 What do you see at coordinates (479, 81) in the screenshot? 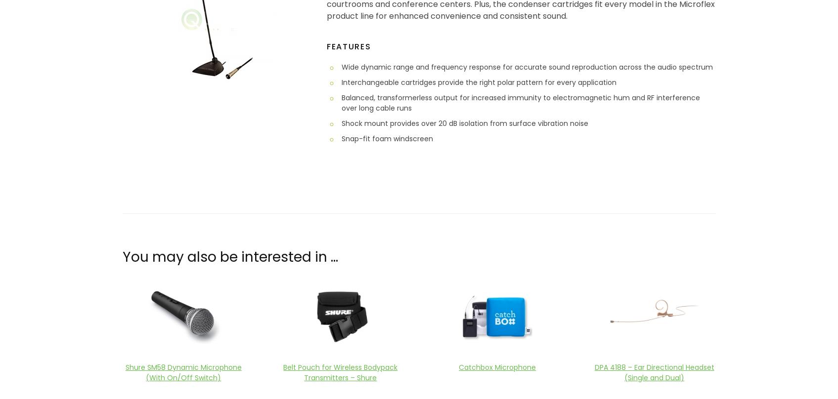
I see `'Interchangeable cartridges provide the right polar pattern for every application'` at bounding box center [479, 81].